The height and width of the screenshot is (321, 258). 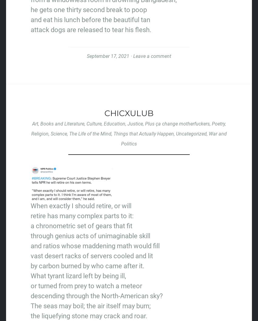 What do you see at coordinates (40, 133) in the screenshot?
I see `'Religion'` at bounding box center [40, 133].